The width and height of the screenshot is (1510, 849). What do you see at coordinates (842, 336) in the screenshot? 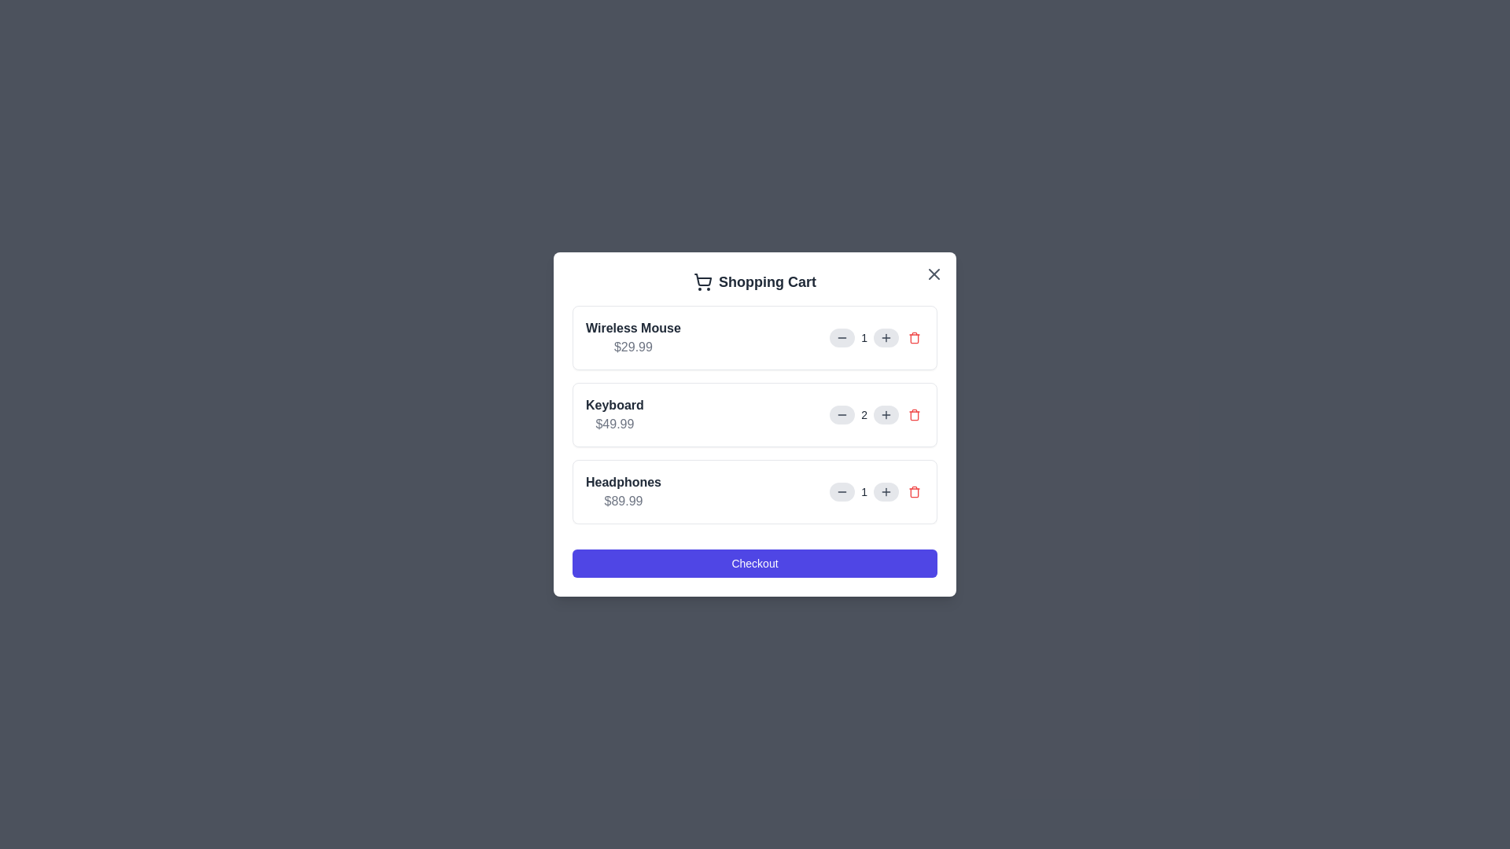
I see `the small minus button with a light gray background and minus icon ('−') to reduce the quantity of the item, which is positioned to the left of the numeric label displaying '1'` at bounding box center [842, 336].